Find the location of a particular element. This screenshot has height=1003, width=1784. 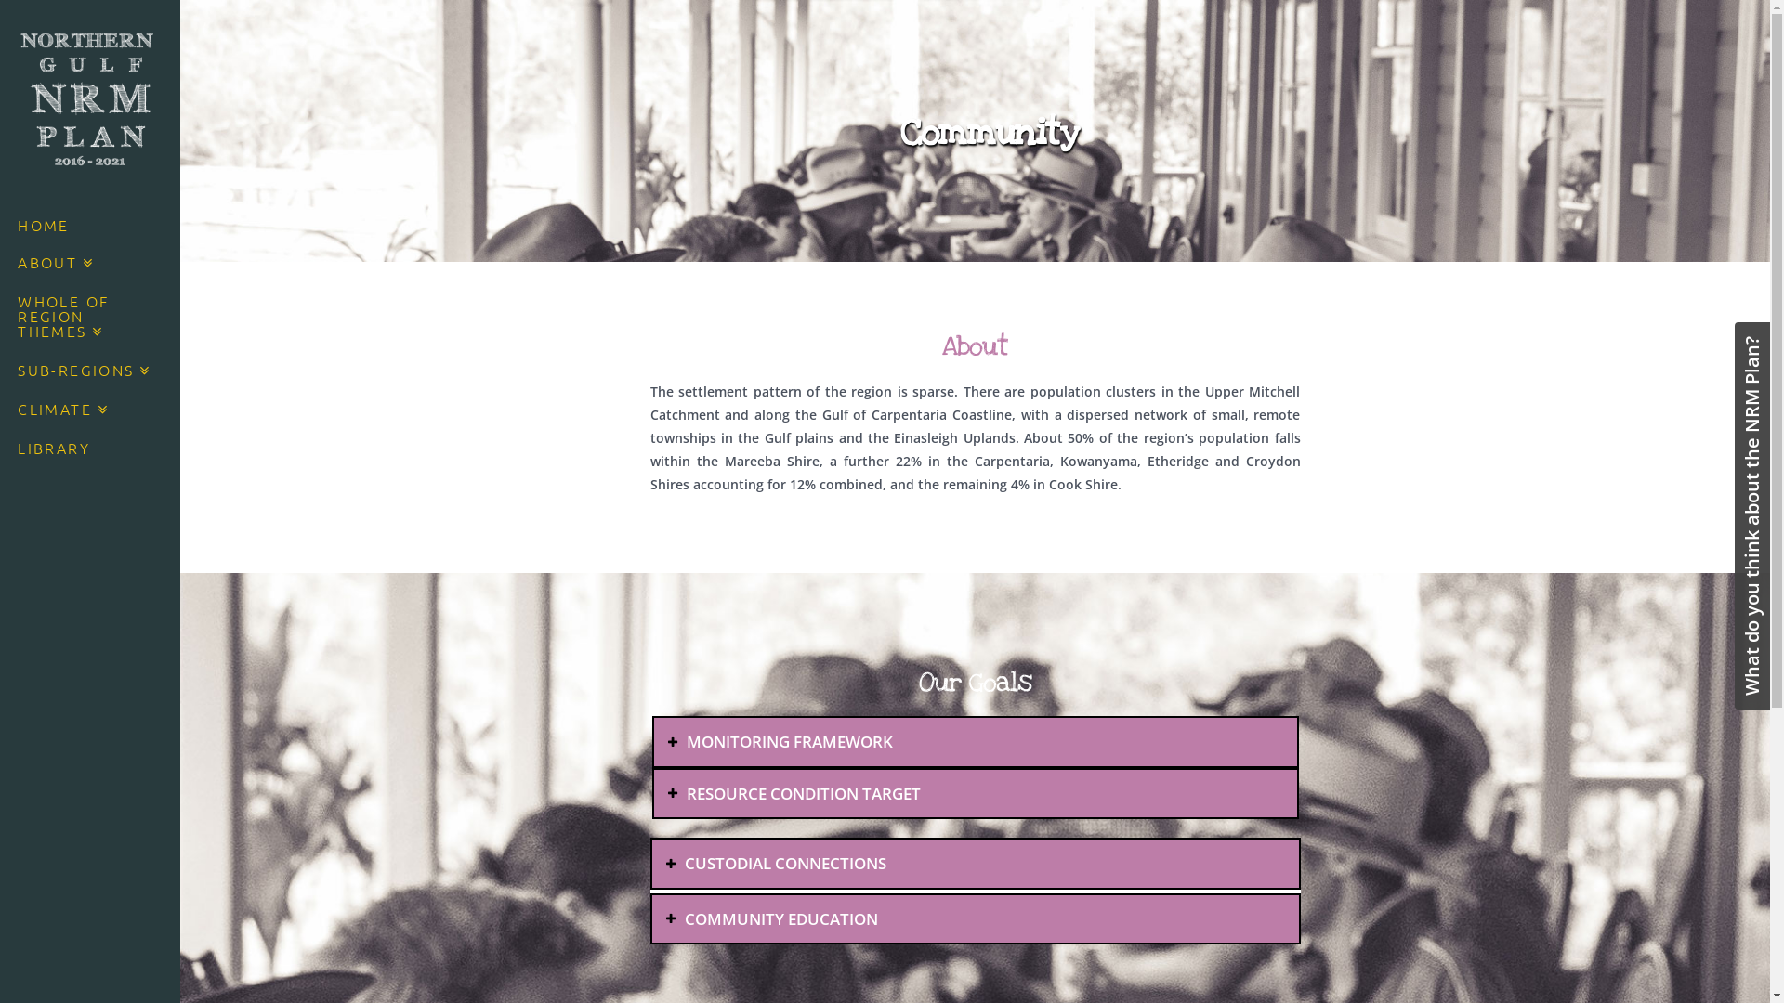

'WHOLE OF REGION THEMES' is located at coordinates (88, 318).